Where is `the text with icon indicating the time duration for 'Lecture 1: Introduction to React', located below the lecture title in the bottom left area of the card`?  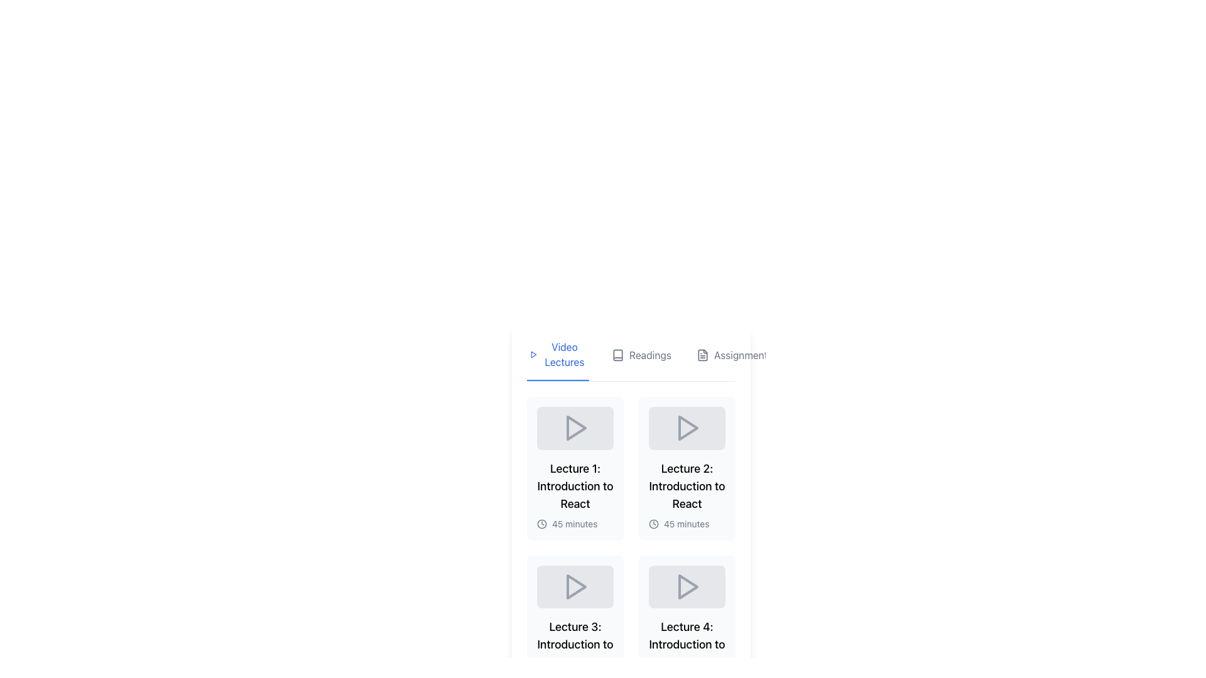 the text with icon indicating the time duration for 'Lecture 1: Introduction to React', located below the lecture title in the bottom left area of the card is located at coordinates (575, 523).